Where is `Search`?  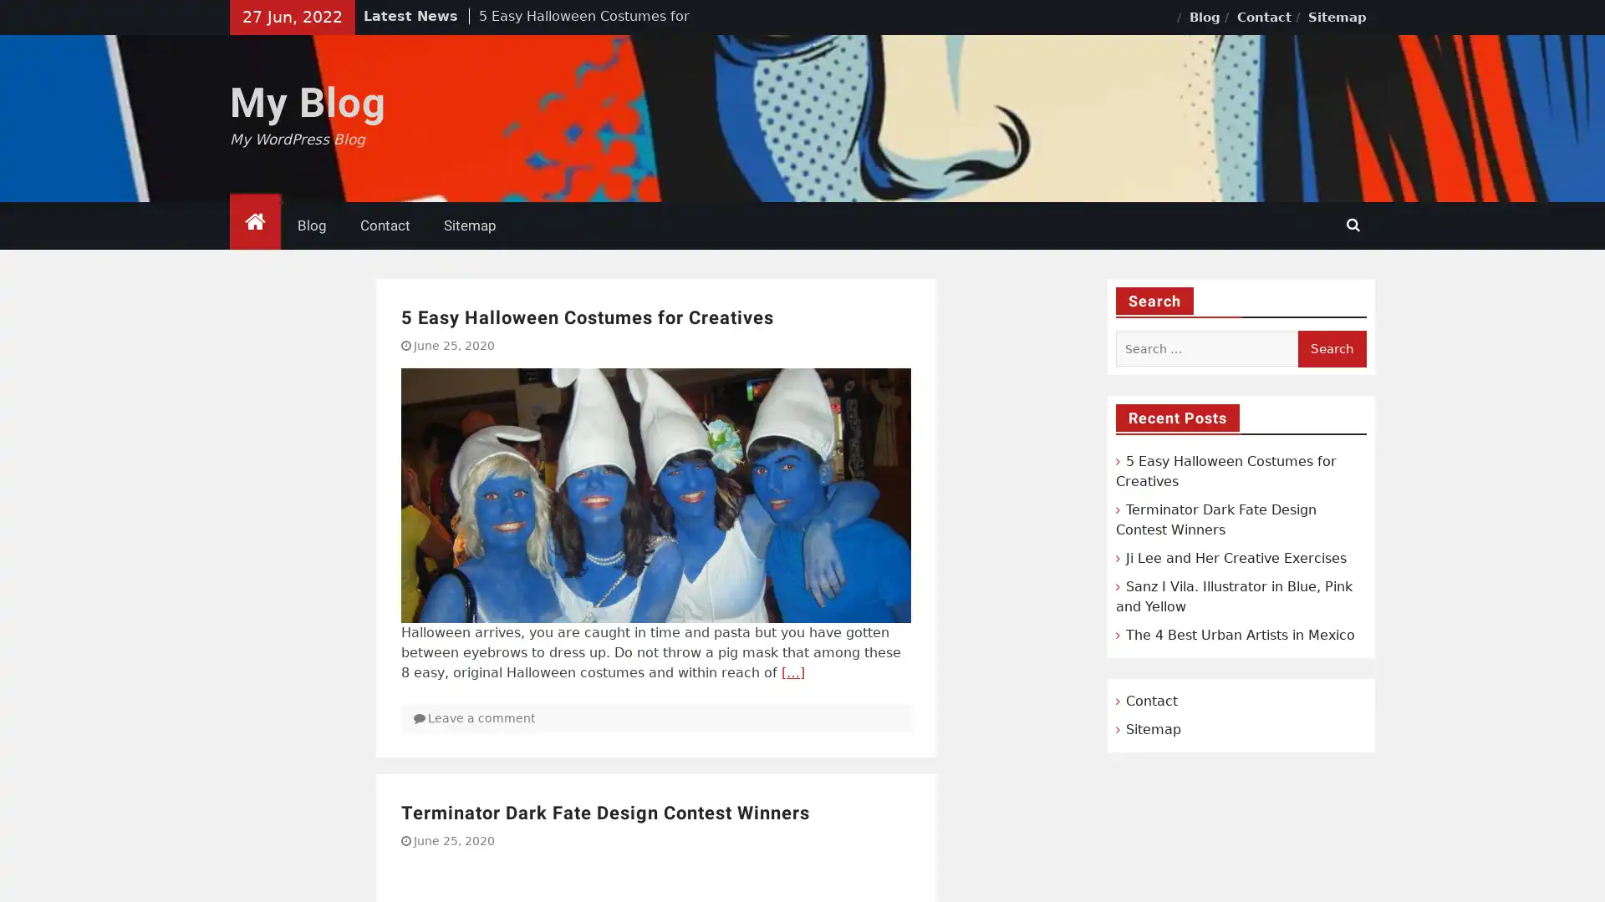 Search is located at coordinates (1331, 347).